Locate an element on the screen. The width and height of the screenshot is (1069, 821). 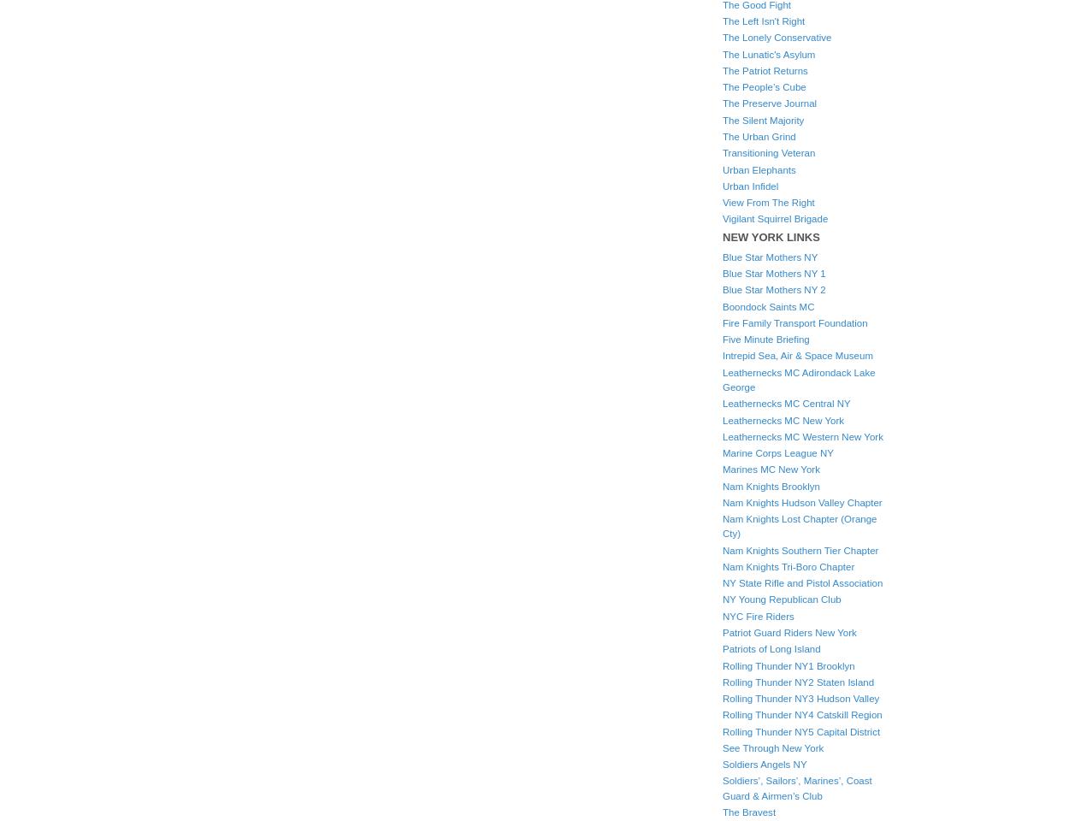
'Soldiers’, Sailors’, Marines’, Coast Guard & Airmen’s Club' is located at coordinates (722, 788).